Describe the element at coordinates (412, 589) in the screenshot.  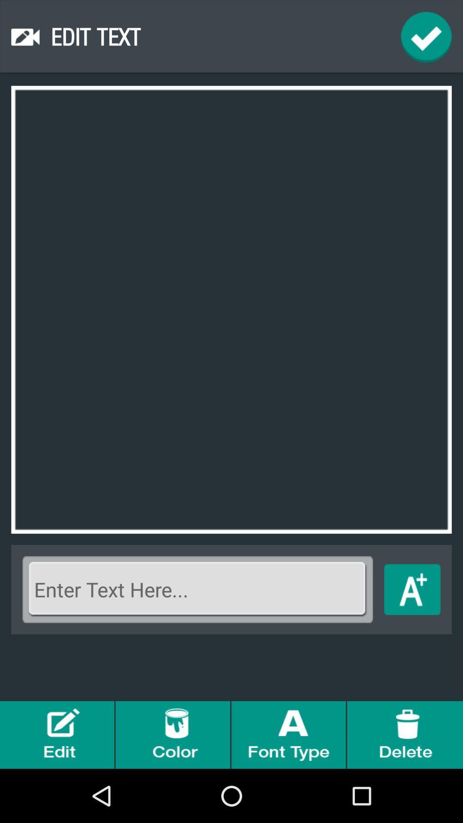
I see `taxes` at that location.